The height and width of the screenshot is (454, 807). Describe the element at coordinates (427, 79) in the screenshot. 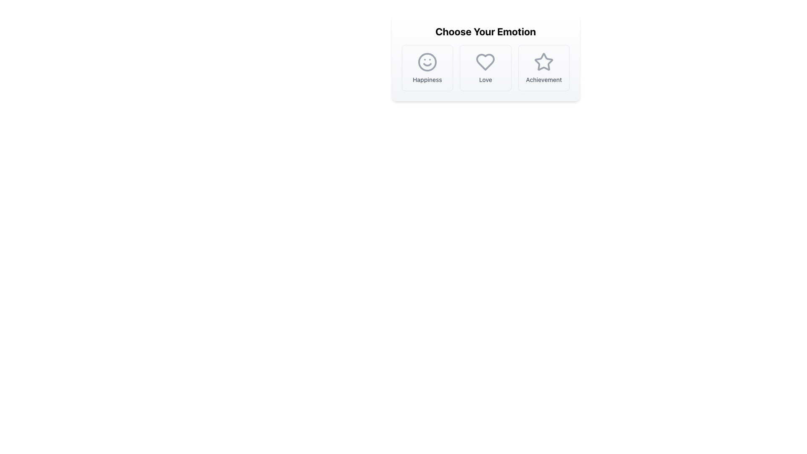

I see `the Text Label that indicates 'Happiness', located below the smiling face icon in the first option card of a horizontally aligned group of cards` at that location.